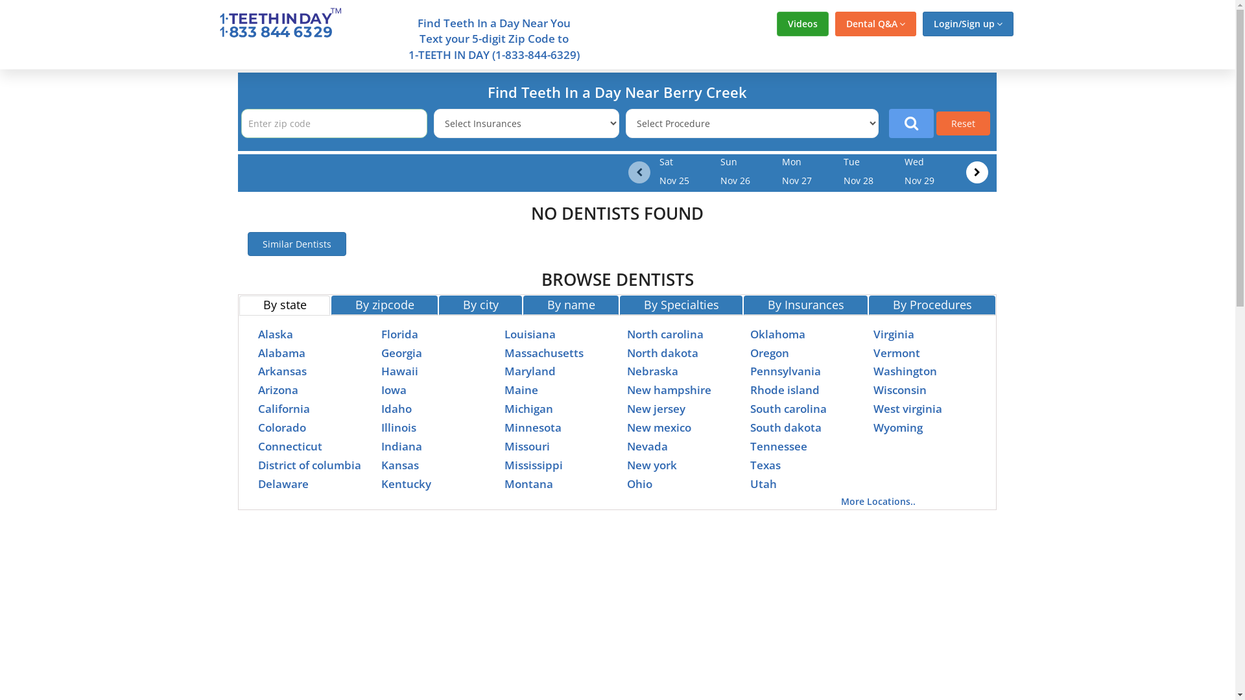 The width and height of the screenshot is (1245, 700). Describe the element at coordinates (802, 24) in the screenshot. I see `'Videos'` at that location.